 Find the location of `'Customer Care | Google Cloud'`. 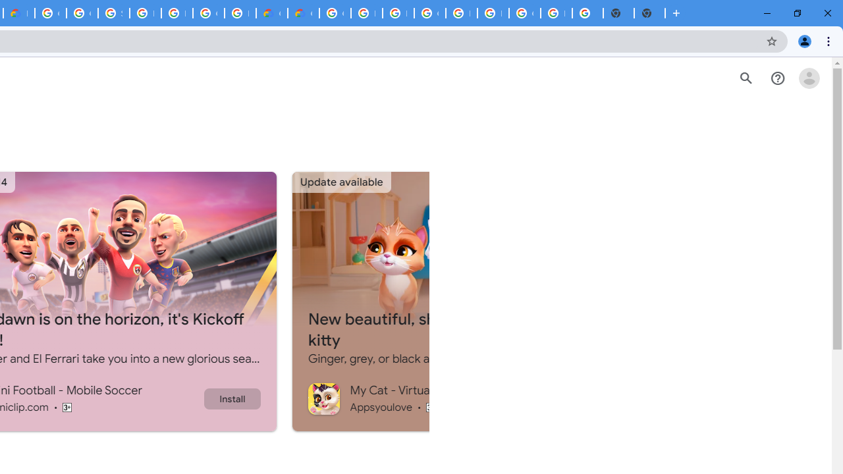

'Customer Care | Google Cloud' is located at coordinates (271, 13).